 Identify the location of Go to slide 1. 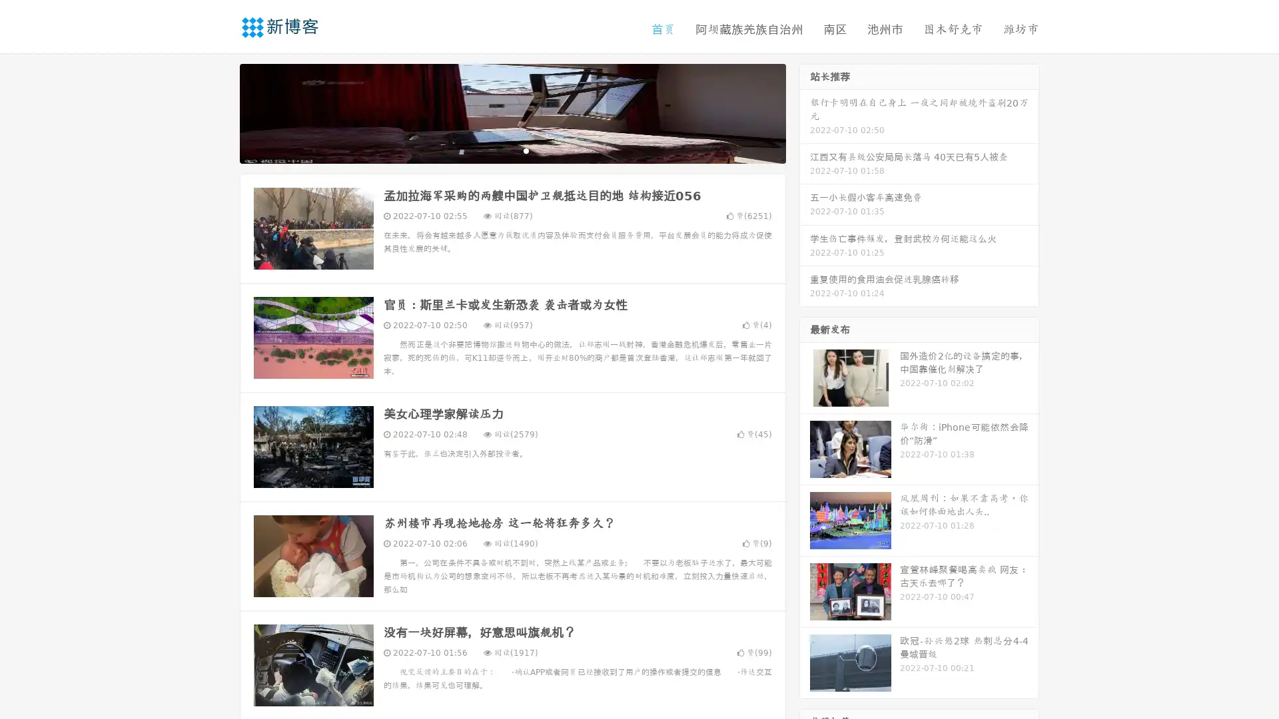
(498, 150).